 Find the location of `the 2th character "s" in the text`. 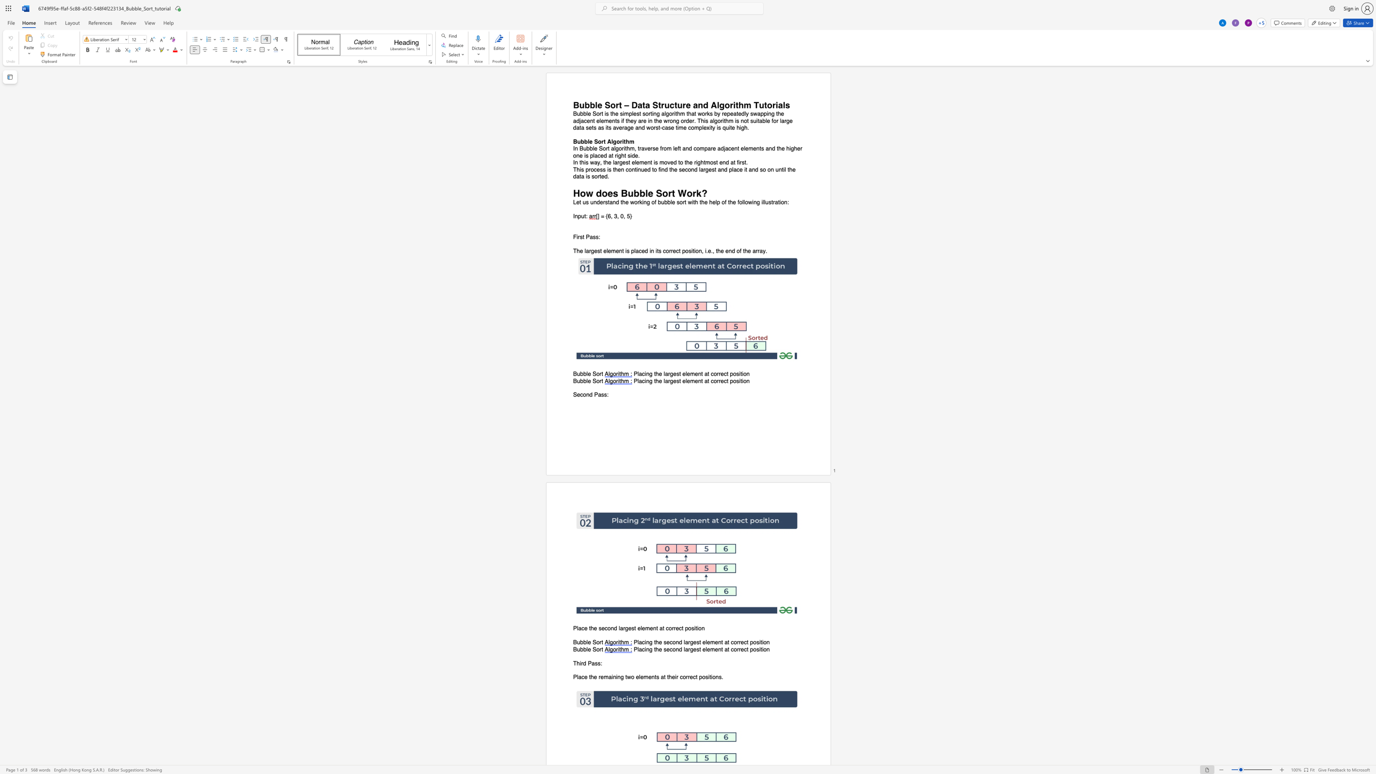

the 2th character "s" in the text is located at coordinates (598, 662).